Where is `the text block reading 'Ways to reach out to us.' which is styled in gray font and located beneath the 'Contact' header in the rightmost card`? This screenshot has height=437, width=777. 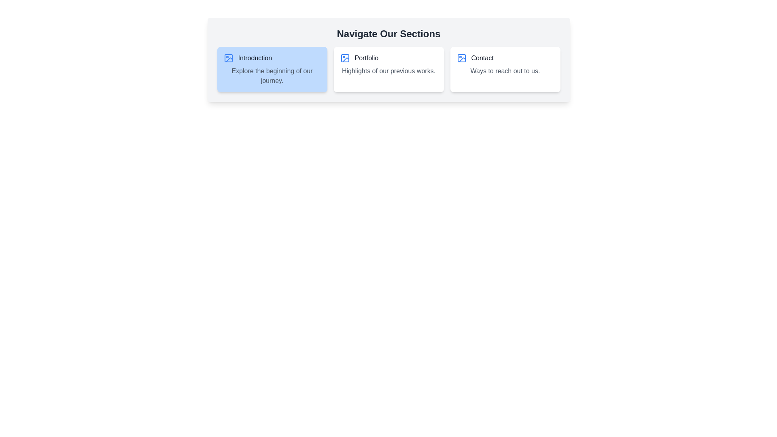
the text block reading 'Ways to reach out to us.' which is styled in gray font and located beneath the 'Contact' header in the rightmost card is located at coordinates (505, 71).